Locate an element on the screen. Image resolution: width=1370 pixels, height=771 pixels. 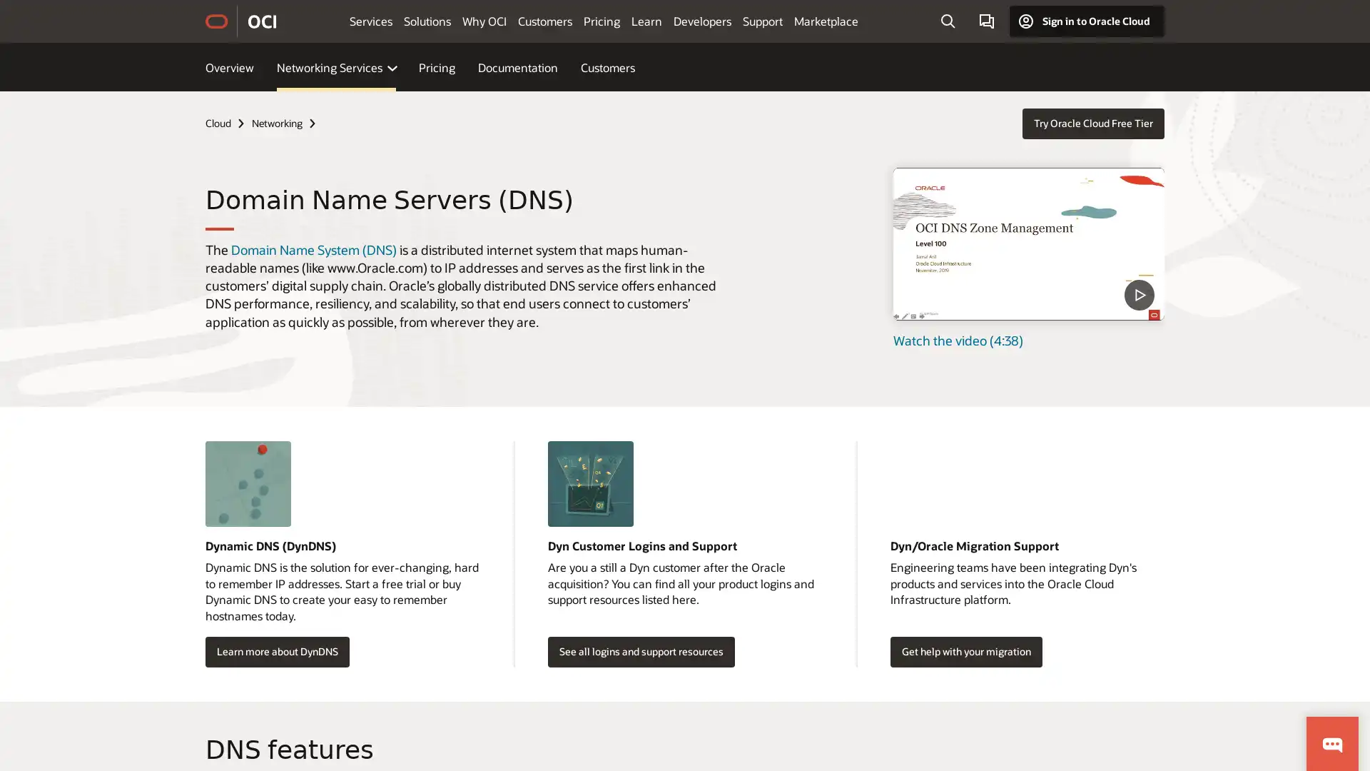
Customers is located at coordinates (544, 21).